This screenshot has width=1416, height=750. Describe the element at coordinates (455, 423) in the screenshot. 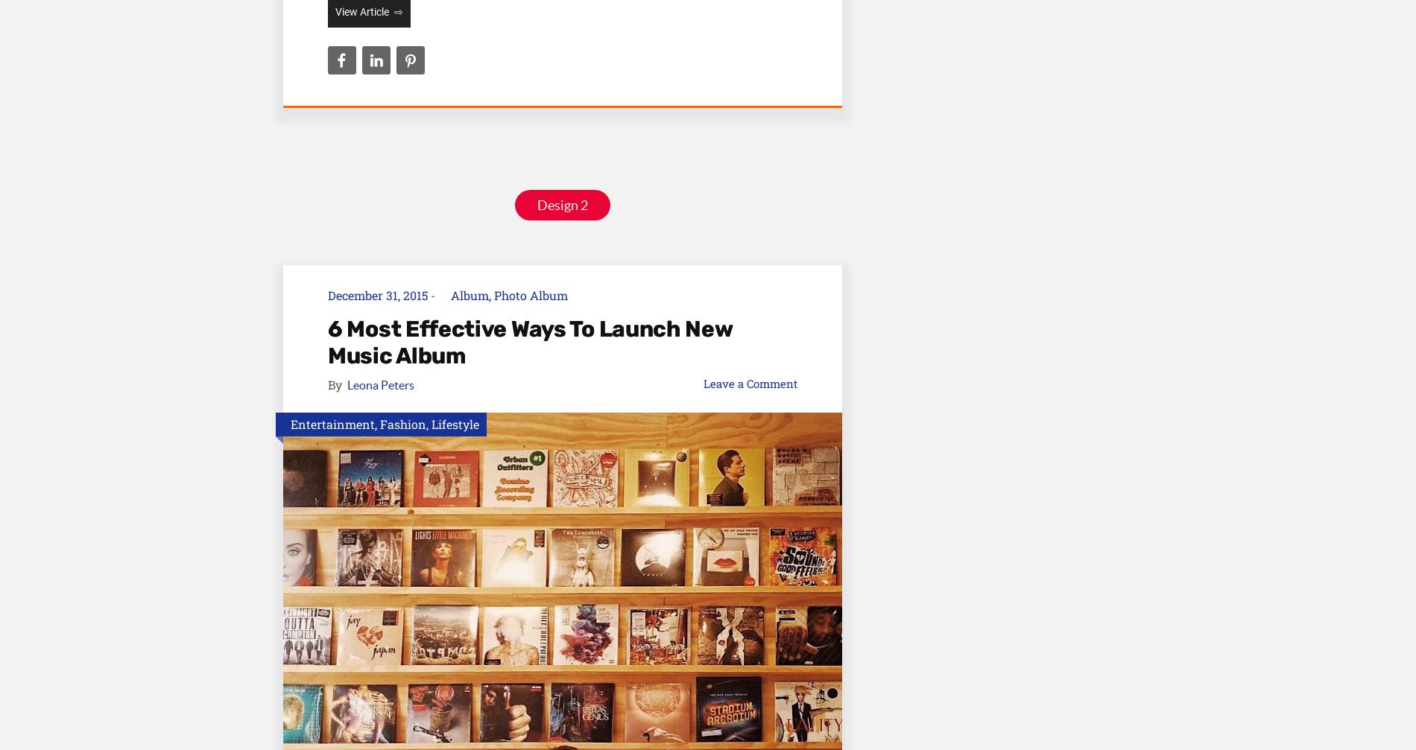

I see `'Lifestyle'` at that location.